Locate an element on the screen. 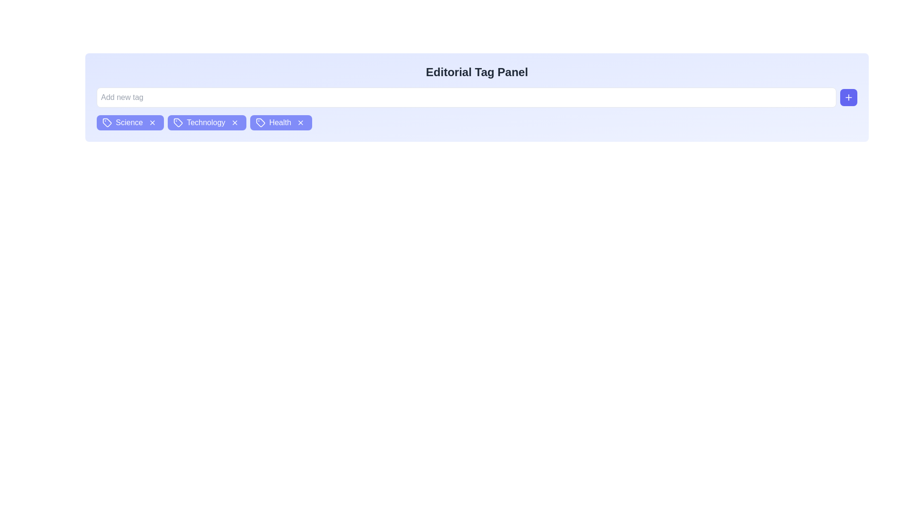 The width and height of the screenshot is (915, 514). the 'Technology' tag, which is a horizontally aligned rectangular element with white text on a purple background and small icons on both sides, positioned between 'Science' and 'Health' is located at coordinates (206, 122).